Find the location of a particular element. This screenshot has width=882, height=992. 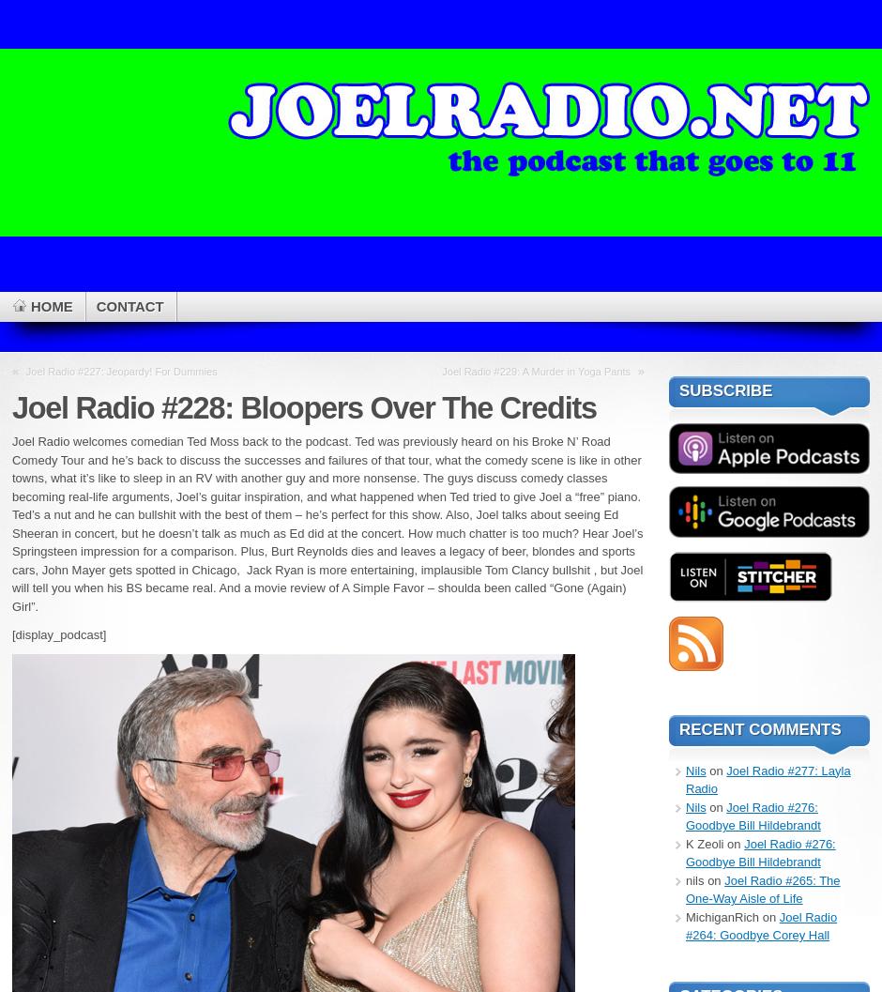

'Joel Radio #277: Layla Radio' is located at coordinates (768, 779).